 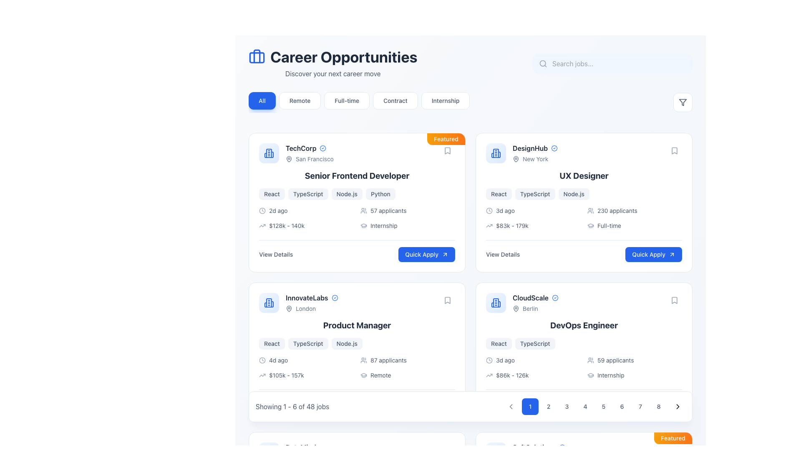 I want to click on the remote availability icon located at the bottom left of the 'Product Manager' job posting card under 'InnovateLabs', so click(x=364, y=375).